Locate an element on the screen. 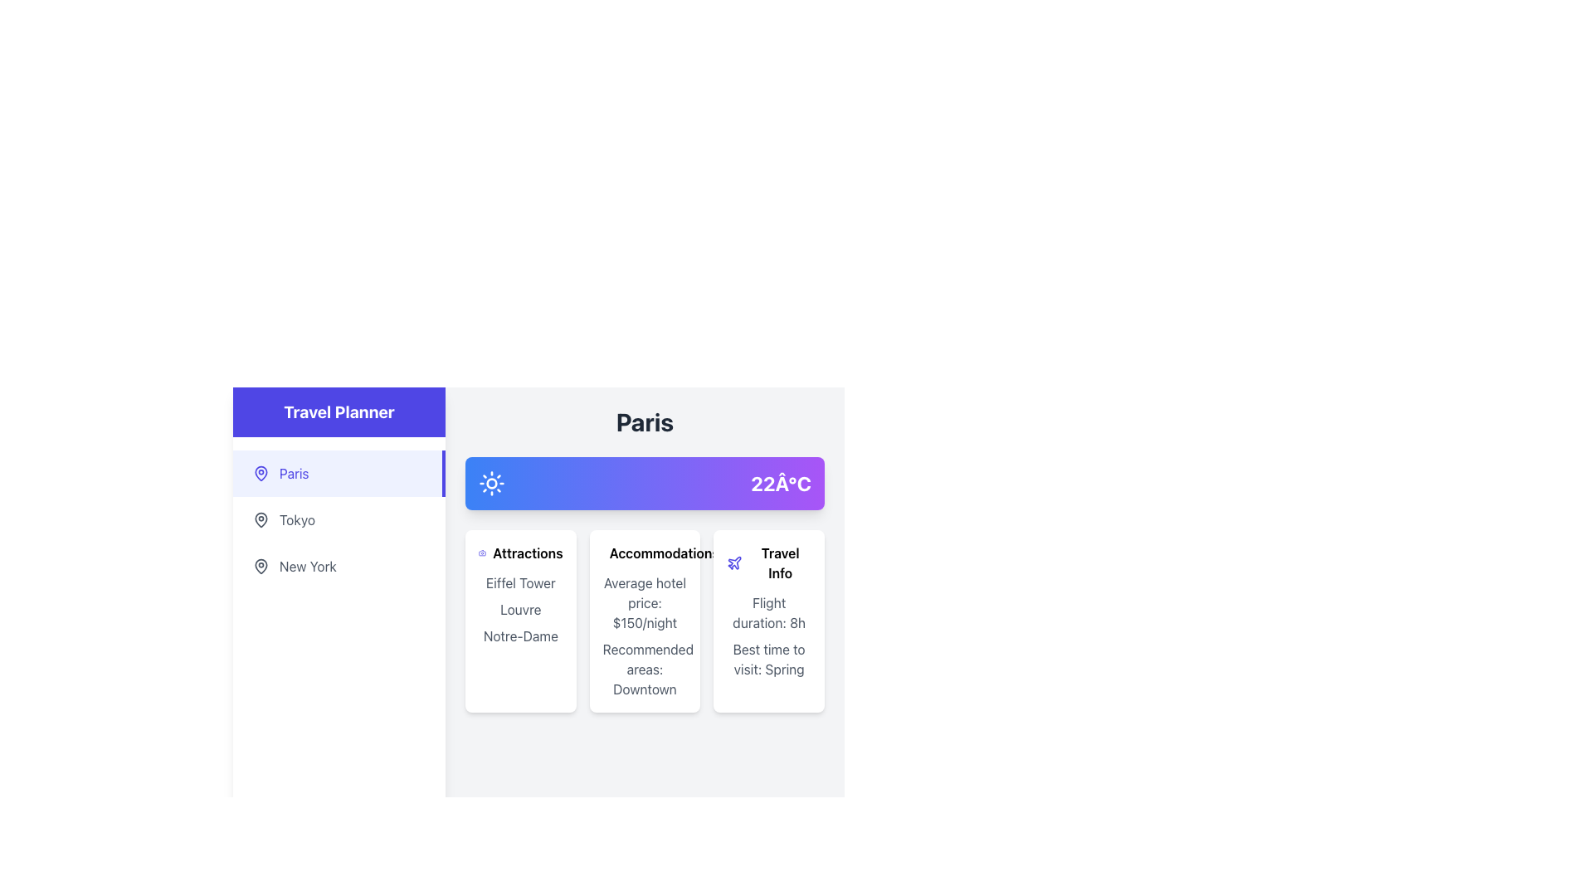  the text label or heading that designates accommodations related to the city of Paris, located between the 'Attractions' and 'Travel Info' cards is located at coordinates (664, 553).